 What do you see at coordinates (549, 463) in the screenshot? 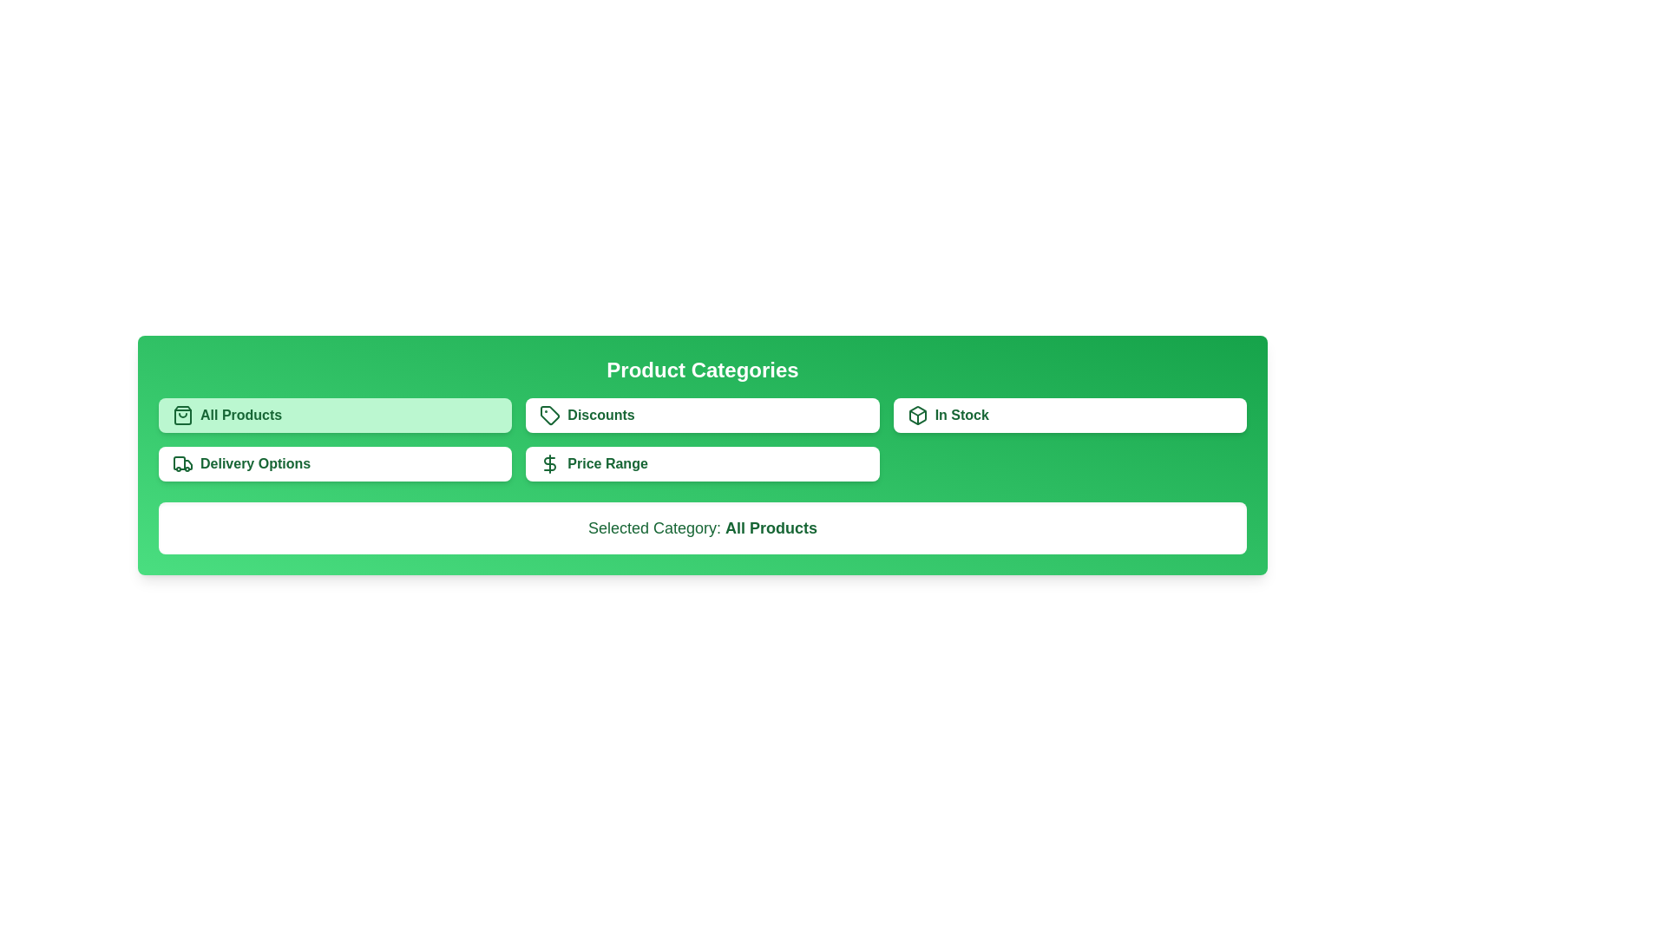
I see `the pricing icon that visually represents budget-related functionality, located to the left of the 'Price Range' button text in the green toolbar` at bounding box center [549, 463].